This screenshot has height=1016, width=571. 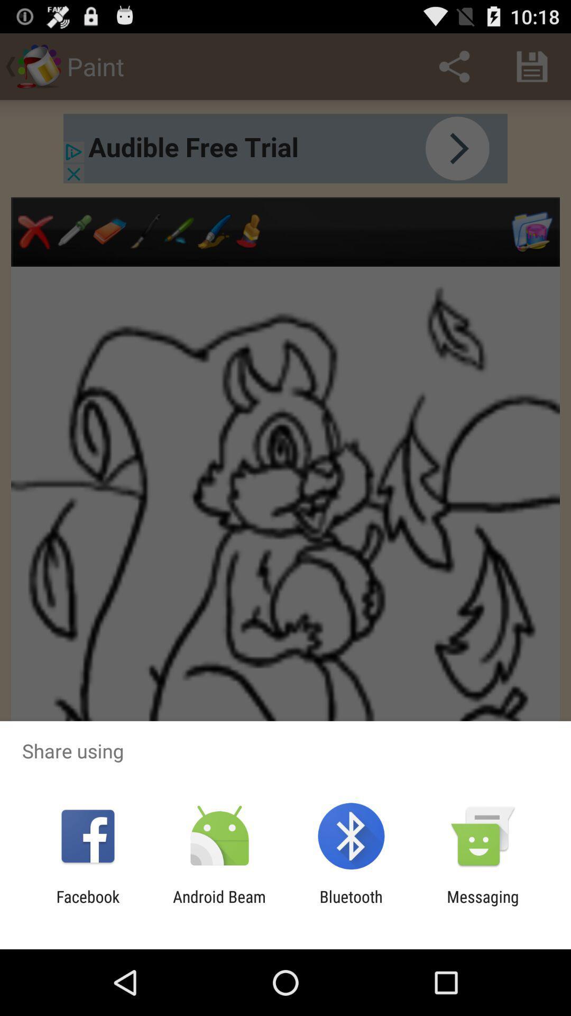 I want to click on bluetooth app, so click(x=351, y=905).